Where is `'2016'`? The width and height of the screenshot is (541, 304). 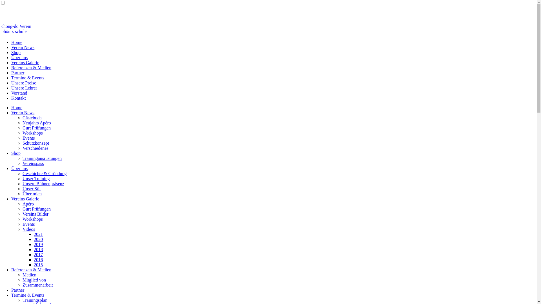
'2016' is located at coordinates (38, 260).